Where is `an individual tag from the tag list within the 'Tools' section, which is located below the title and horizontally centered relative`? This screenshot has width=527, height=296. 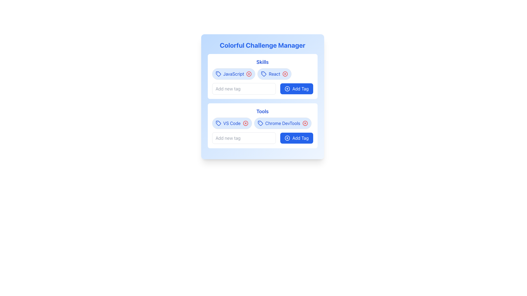
an individual tag from the tag list within the 'Tools' section, which is located below the title and horizontally centered relative is located at coordinates (262, 123).